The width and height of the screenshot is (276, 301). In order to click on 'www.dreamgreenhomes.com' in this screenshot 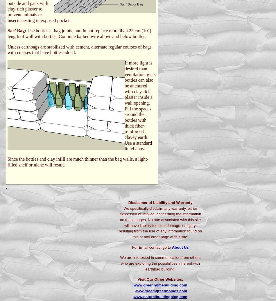, I will do `click(134, 291)`.